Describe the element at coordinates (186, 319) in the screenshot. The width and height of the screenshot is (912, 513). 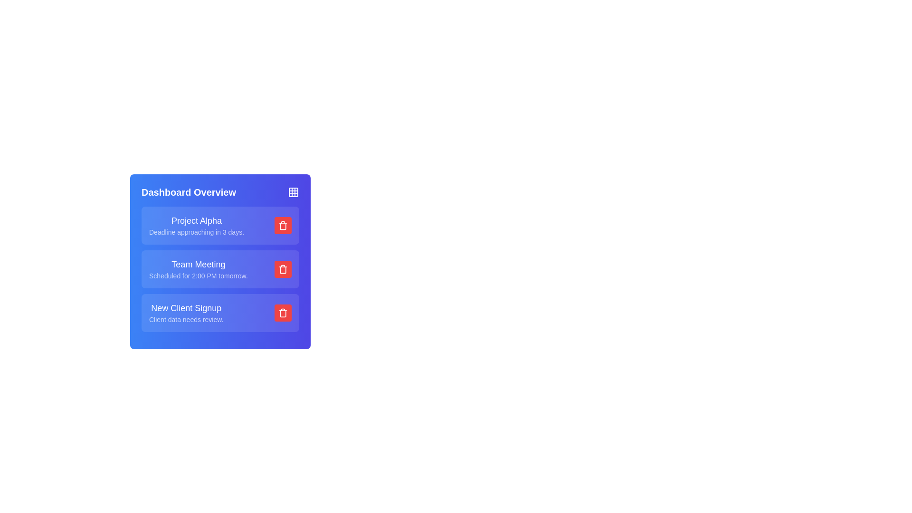
I see `the text label that reads 'Client data needs review.', which is styled with a smaller font size and light white shade, located below the 'New Client Signup' label in the Dashboard Overview panel` at that location.